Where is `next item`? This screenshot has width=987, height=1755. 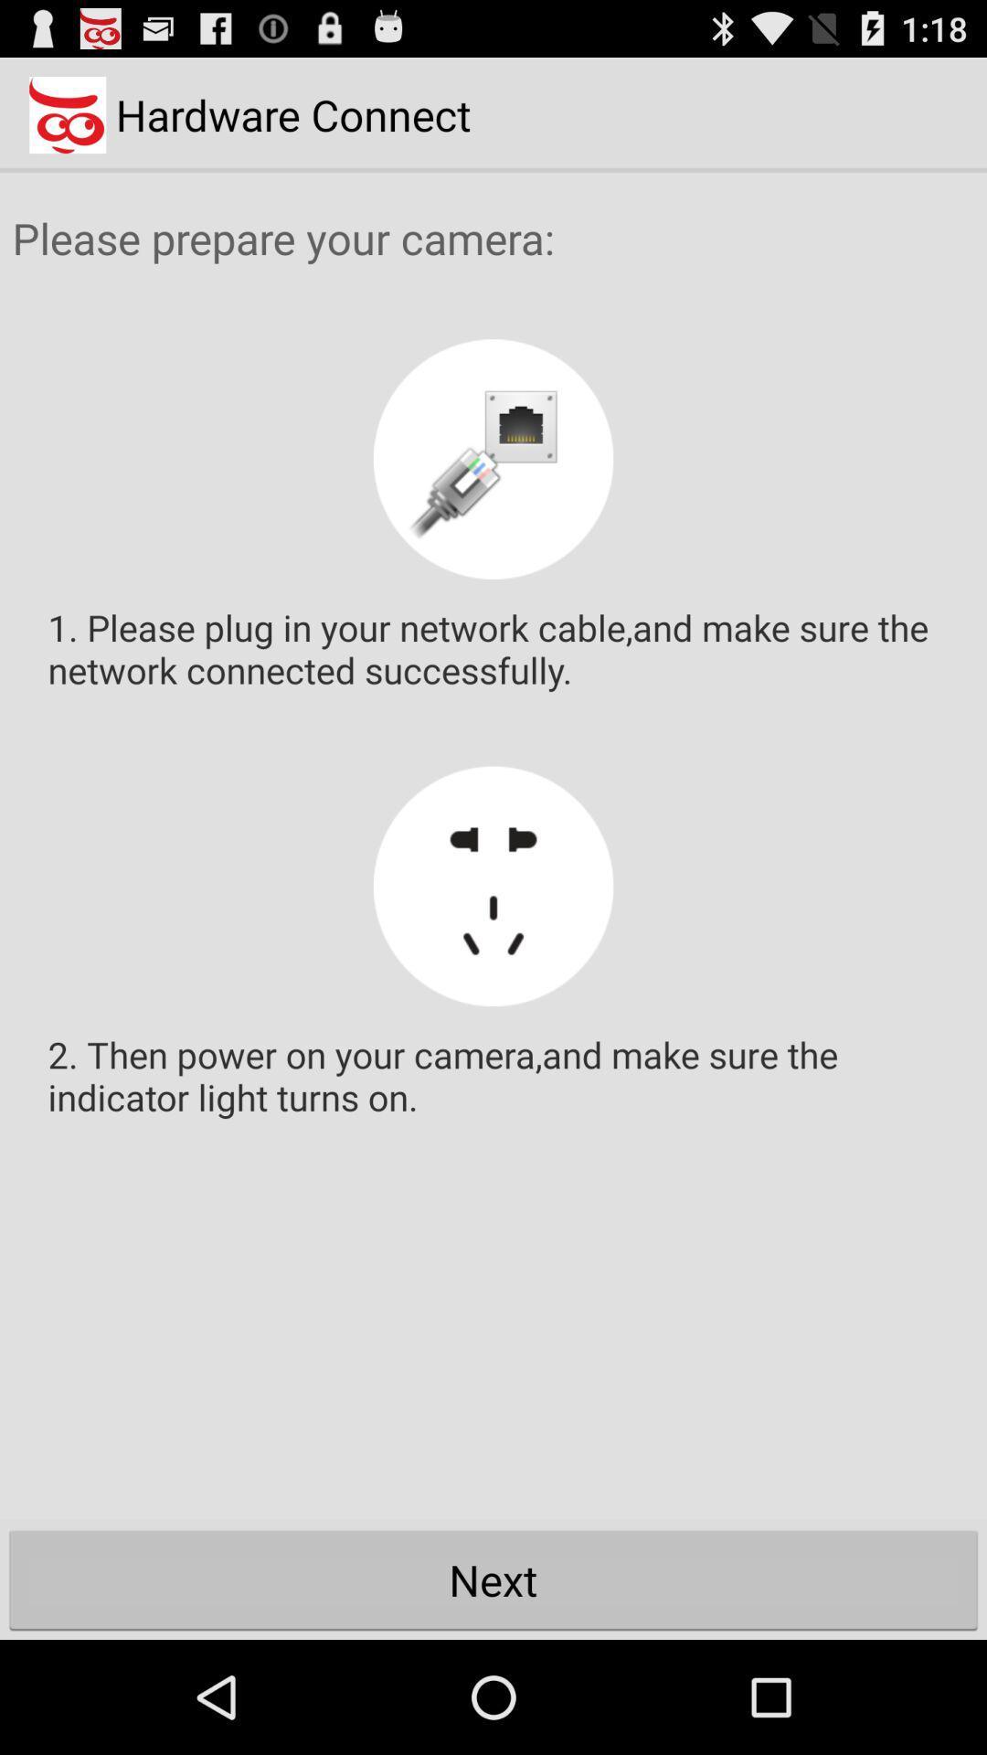
next item is located at coordinates (493, 1579).